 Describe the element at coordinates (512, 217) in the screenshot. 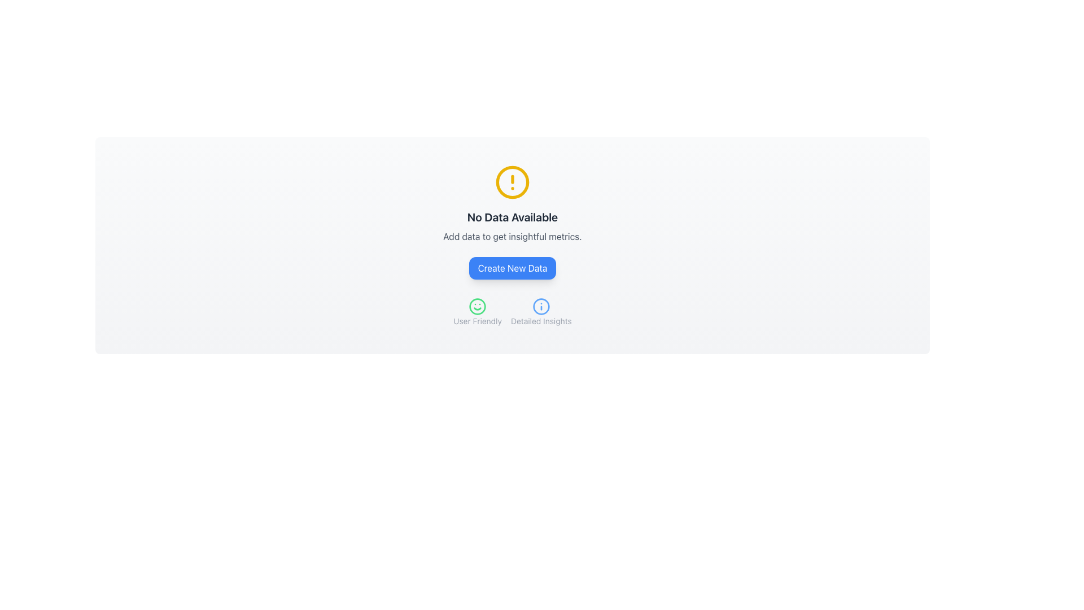

I see `the Text Display Element that informs users about the absence of data, located above the text 'Add data to get insightful metrics.'` at that location.